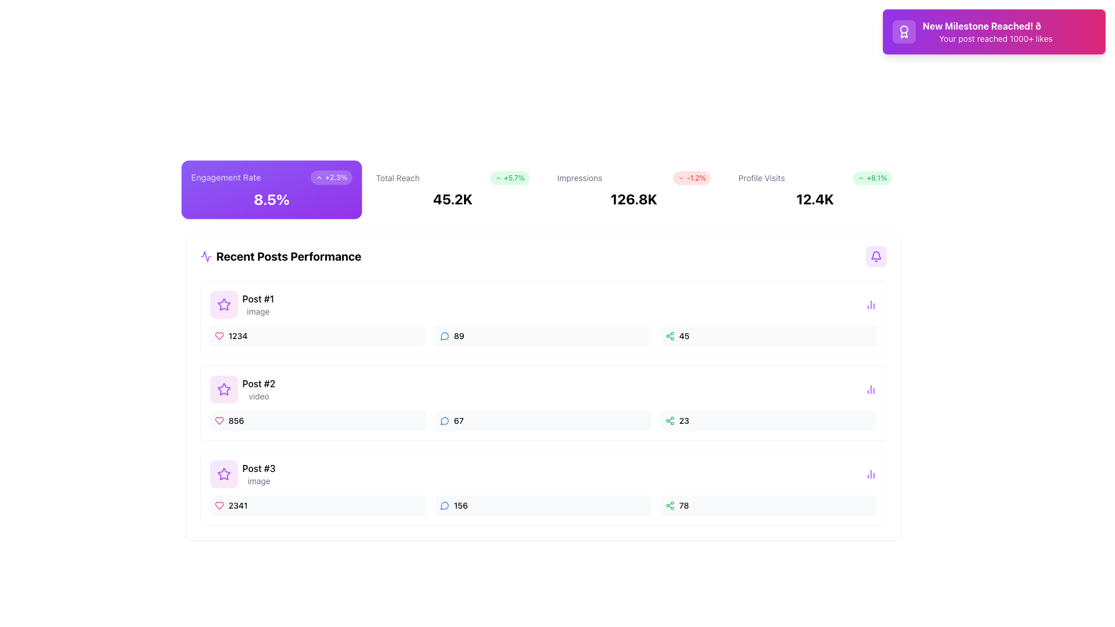 Image resolution: width=1115 pixels, height=627 pixels. Describe the element at coordinates (871, 304) in the screenshot. I see `the interactive icon located at the far right of the row titled 'Post #1' to change its color` at that location.